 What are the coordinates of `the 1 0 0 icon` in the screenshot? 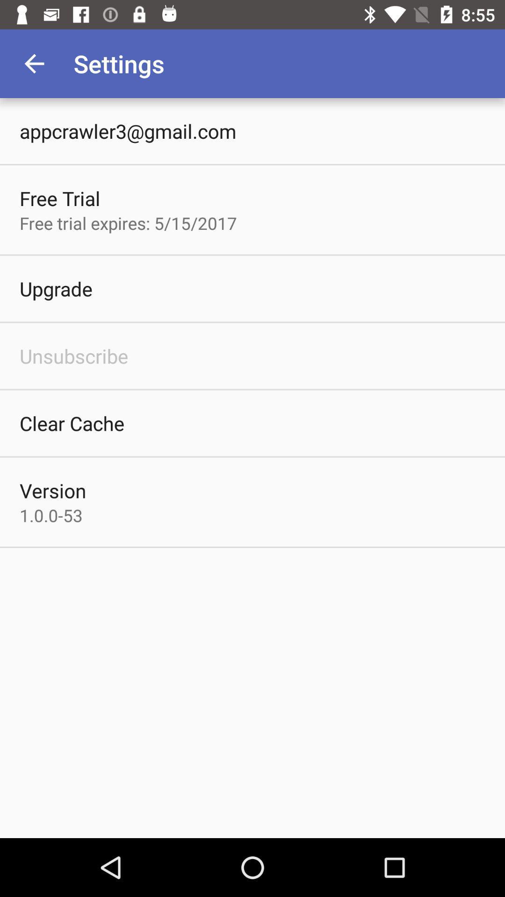 It's located at (51, 515).